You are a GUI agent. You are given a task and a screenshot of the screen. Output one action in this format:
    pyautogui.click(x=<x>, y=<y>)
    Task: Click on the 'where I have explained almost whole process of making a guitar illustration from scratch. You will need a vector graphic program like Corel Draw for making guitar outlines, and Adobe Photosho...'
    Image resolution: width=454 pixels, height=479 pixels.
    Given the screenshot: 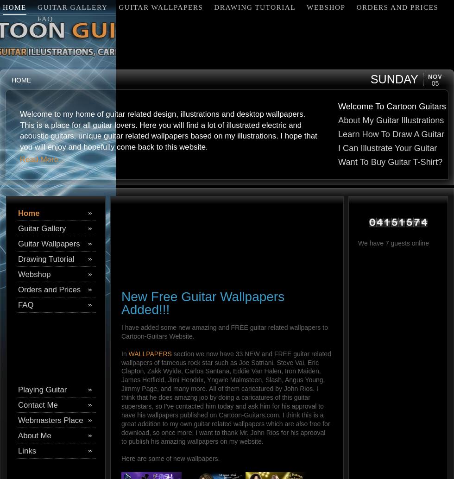 What is the action you would take?
    pyautogui.click(x=159, y=135)
    